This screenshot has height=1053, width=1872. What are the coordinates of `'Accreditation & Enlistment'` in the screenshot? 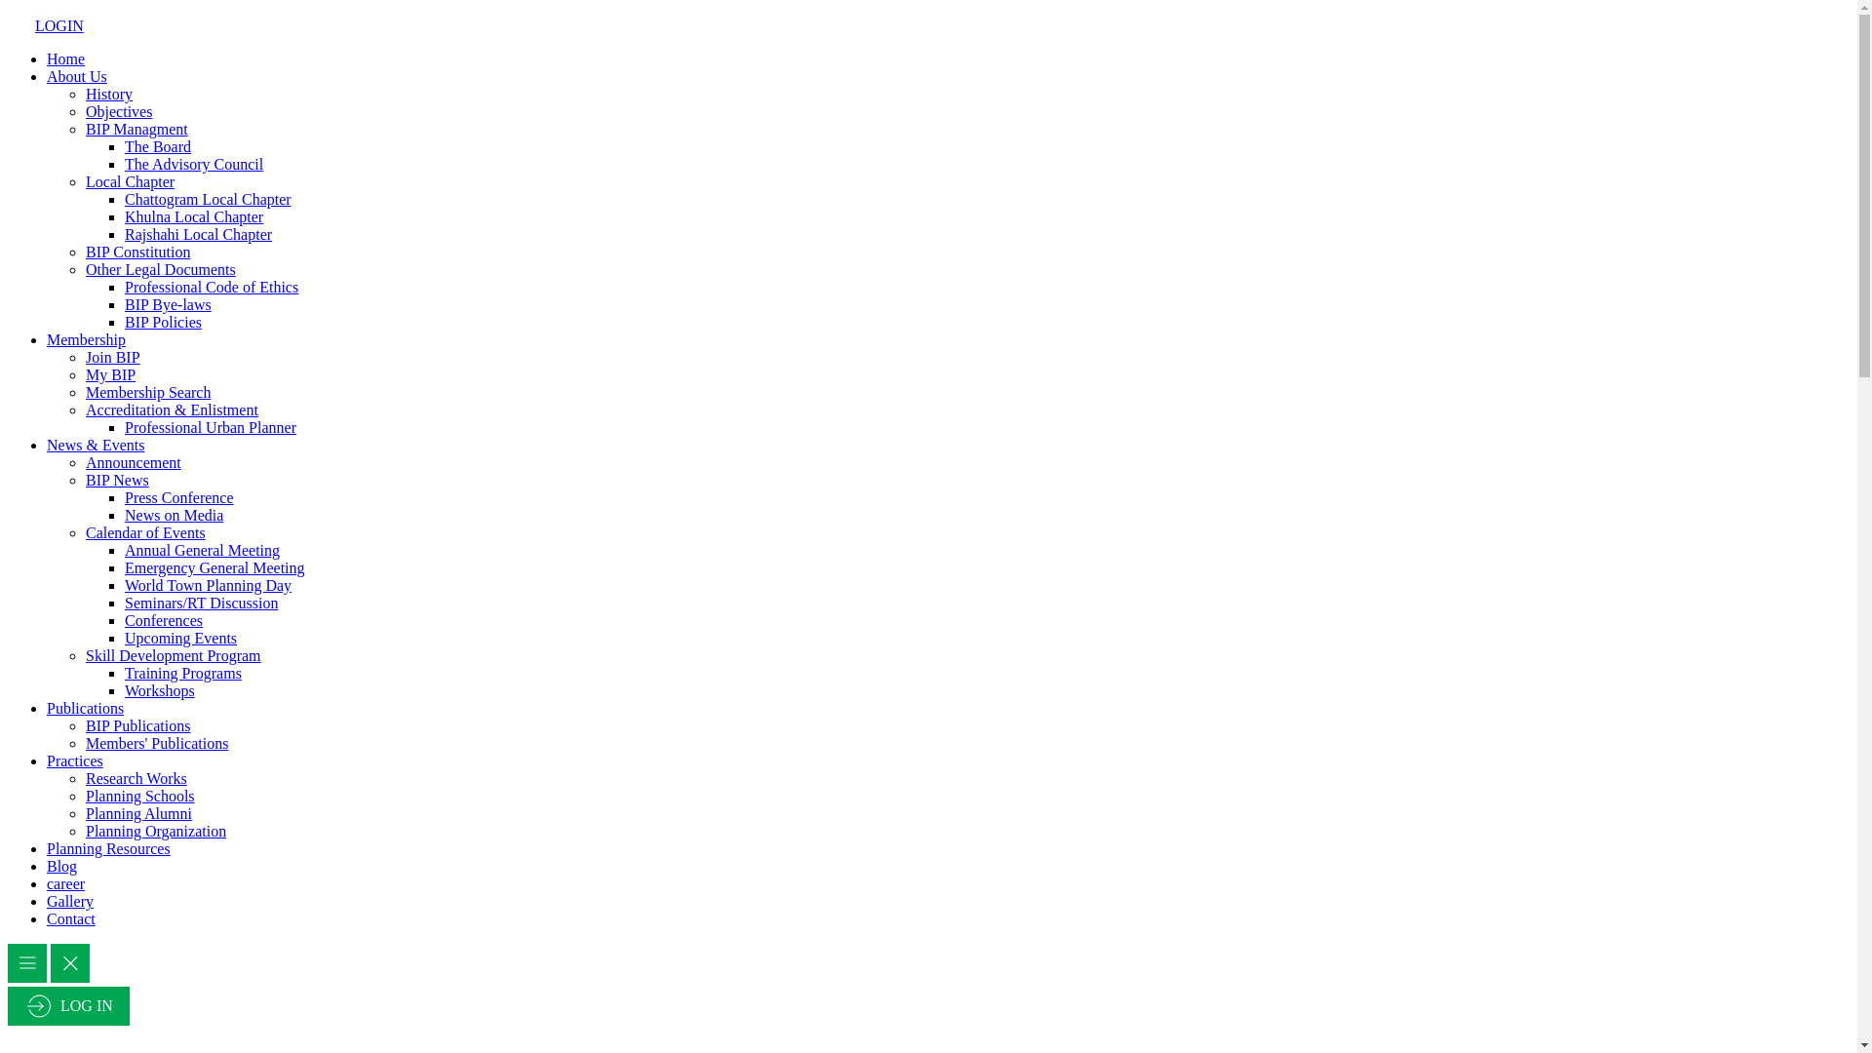 It's located at (84, 409).